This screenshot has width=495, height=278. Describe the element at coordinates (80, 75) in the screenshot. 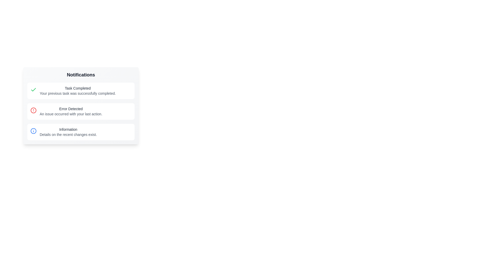

I see `title of the text header labeled 'Notifications', which is styled in bold and located at the top of the notification card` at that location.